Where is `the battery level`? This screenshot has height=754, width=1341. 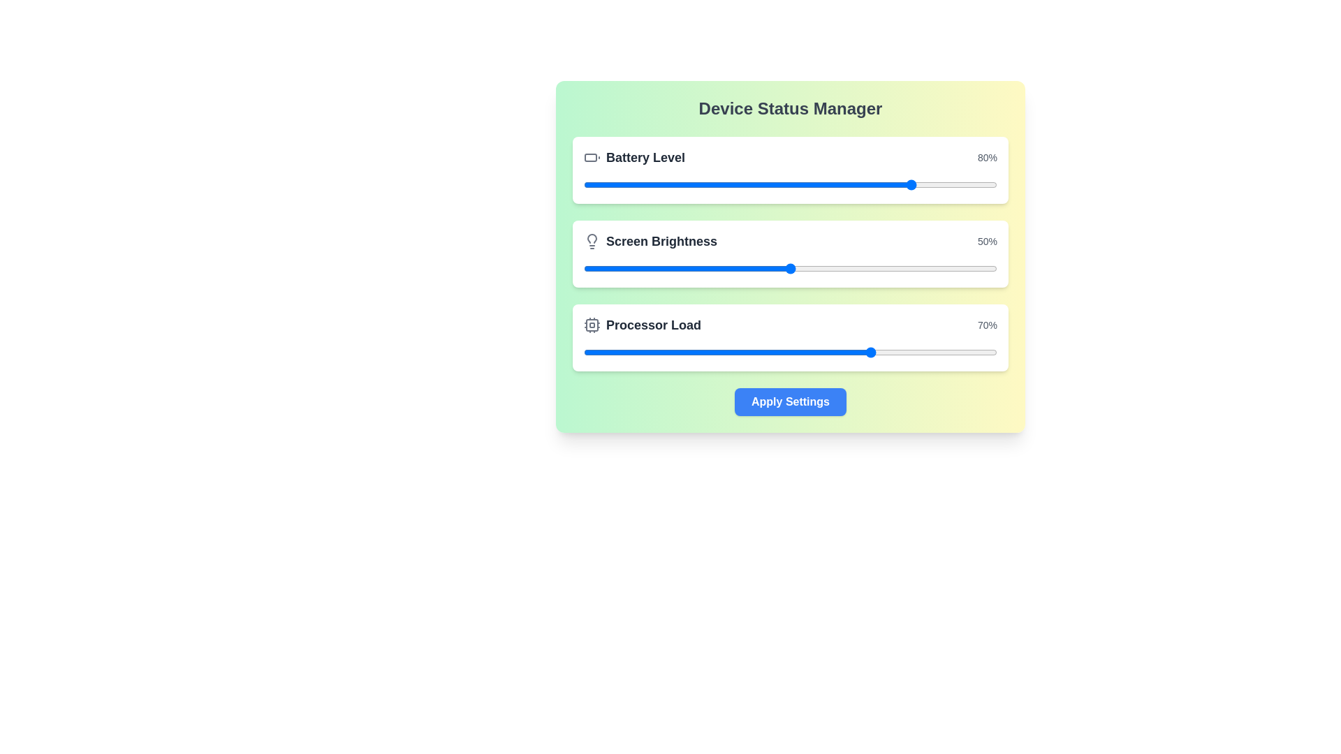
the battery level is located at coordinates (840, 184).